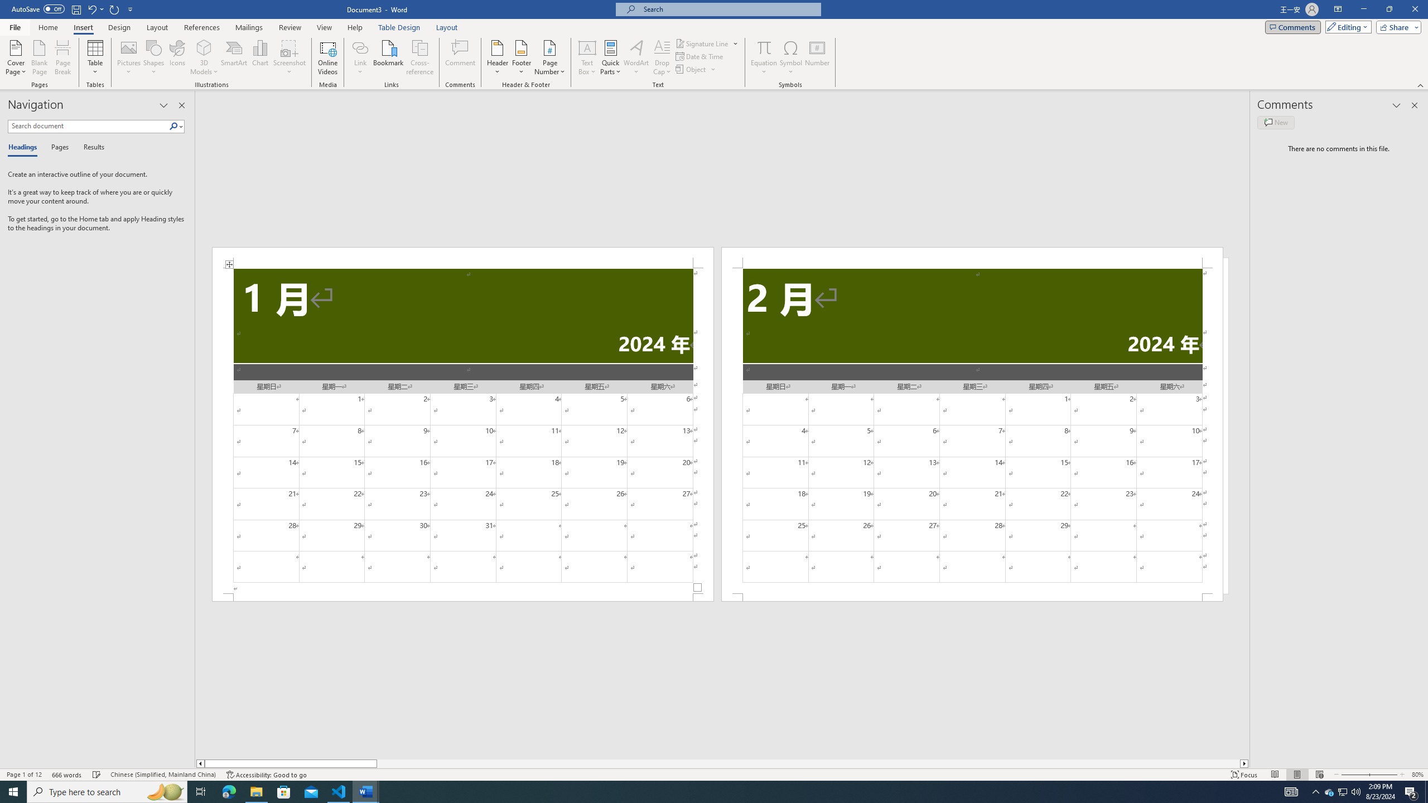 The width and height of the screenshot is (1428, 803). Describe the element at coordinates (791, 57) in the screenshot. I see `'Symbol'` at that location.